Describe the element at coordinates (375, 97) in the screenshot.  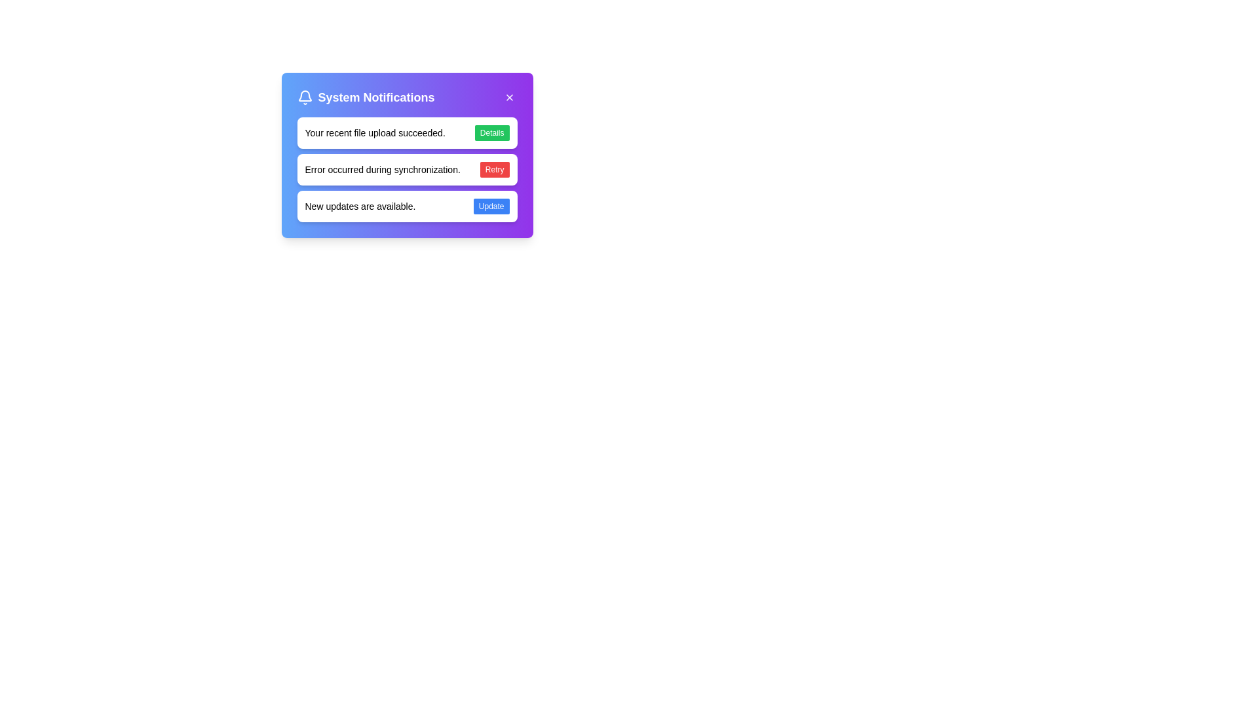
I see `the Text Label that serves as a header for system notifications, located to the right of the bell icon` at that location.